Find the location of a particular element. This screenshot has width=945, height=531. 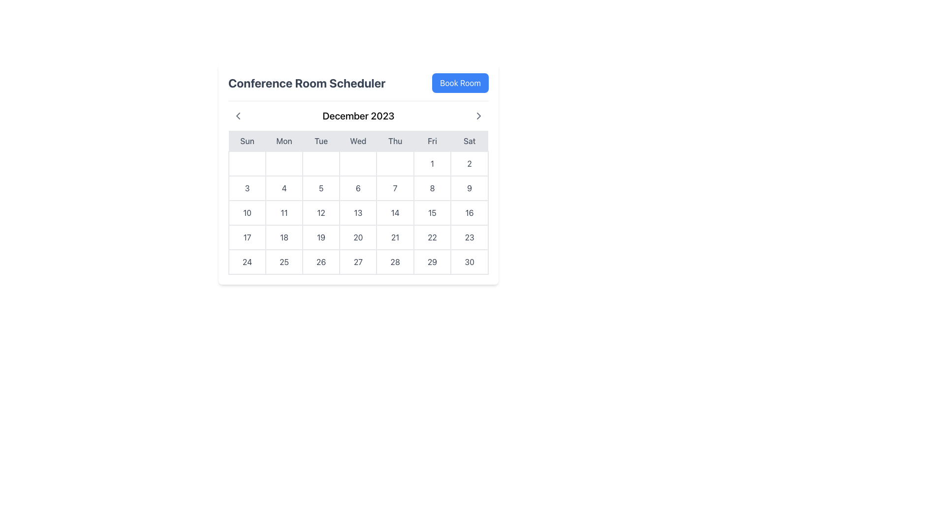

the Calendar Date Box displaying the number '27', which is part of the December 2023 calendar grid layout and is positioned in the fourth spot of the bottom row is located at coordinates (357, 261).